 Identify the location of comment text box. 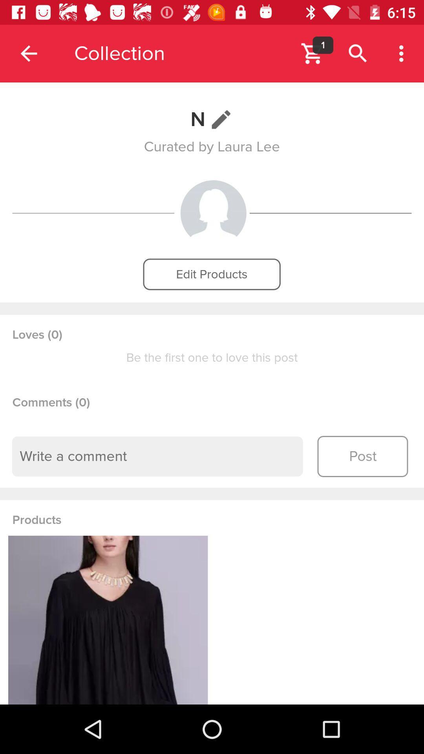
(157, 456).